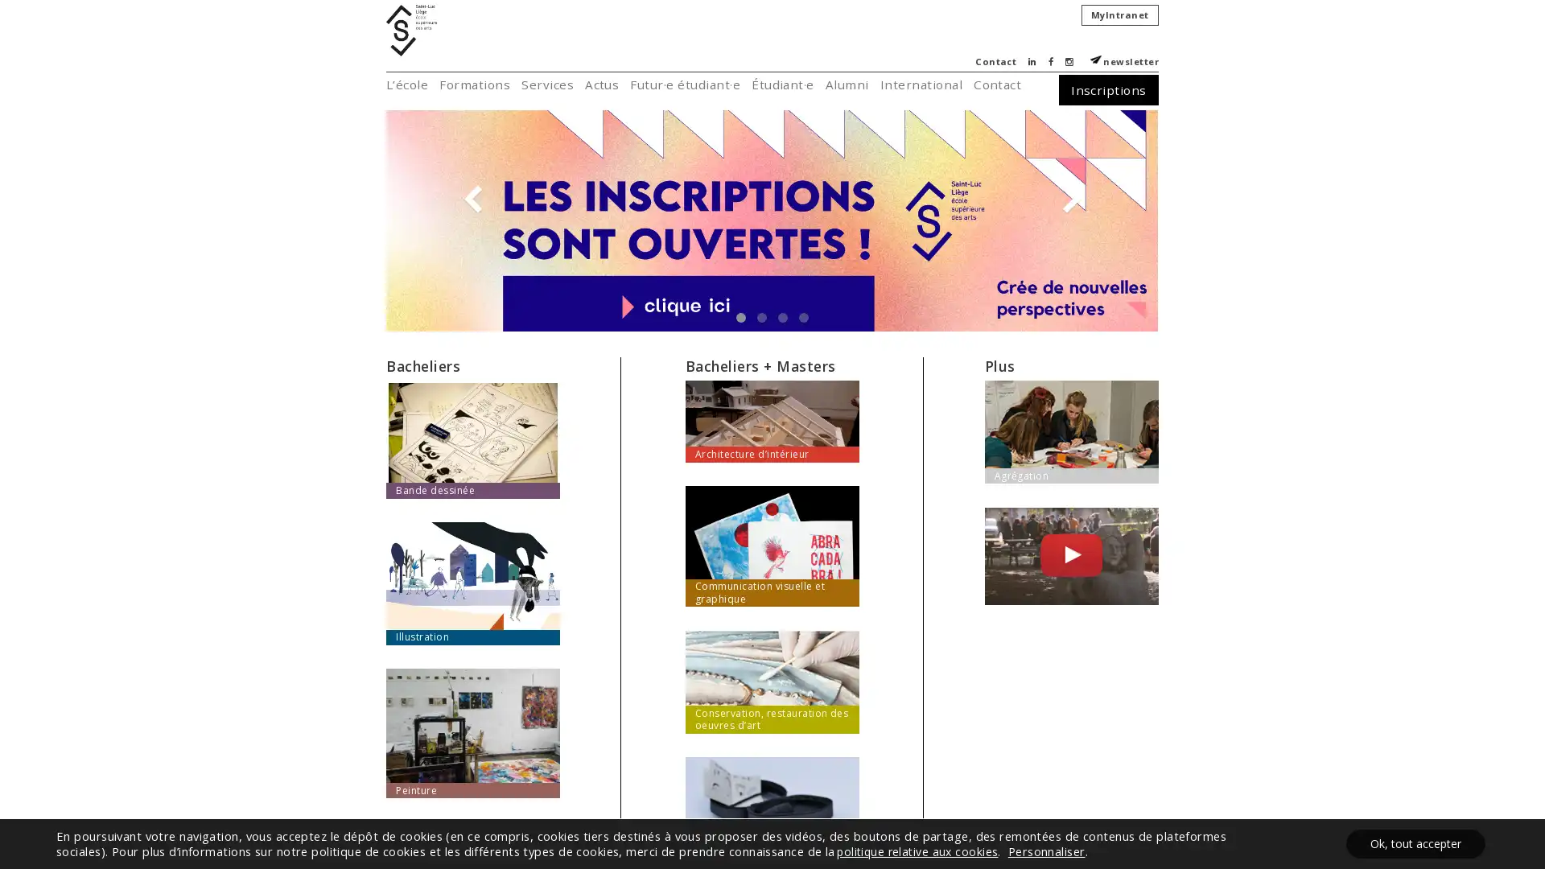 The height and width of the screenshot is (869, 1545). Describe the element at coordinates (1415, 843) in the screenshot. I see `Ok, tout accepter` at that location.